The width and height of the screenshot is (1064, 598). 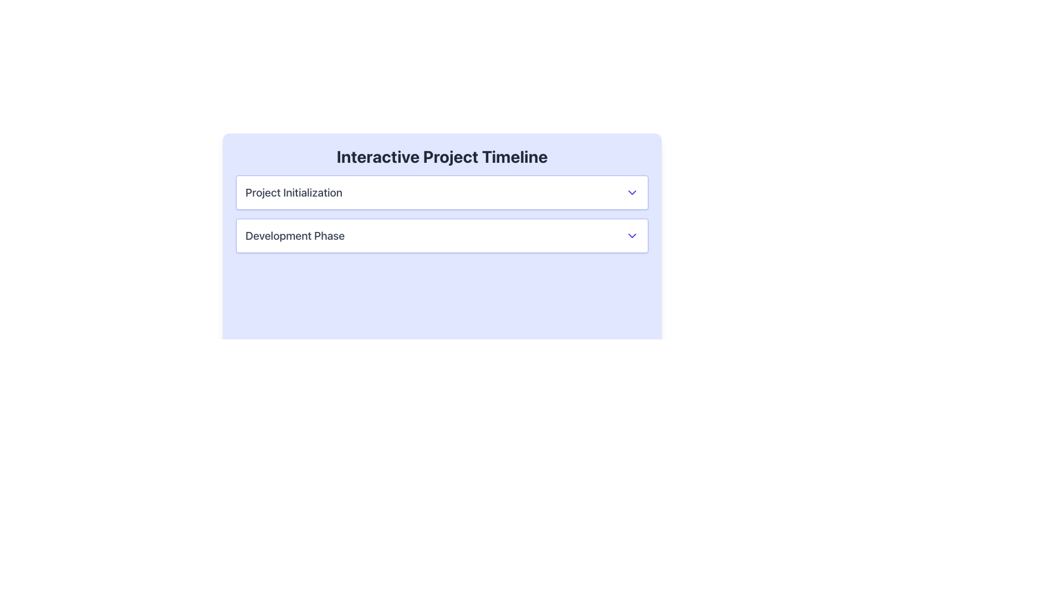 What do you see at coordinates (441, 235) in the screenshot?
I see `the second expandable list item in the Interactive Project Timeline` at bounding box center [441, 235].